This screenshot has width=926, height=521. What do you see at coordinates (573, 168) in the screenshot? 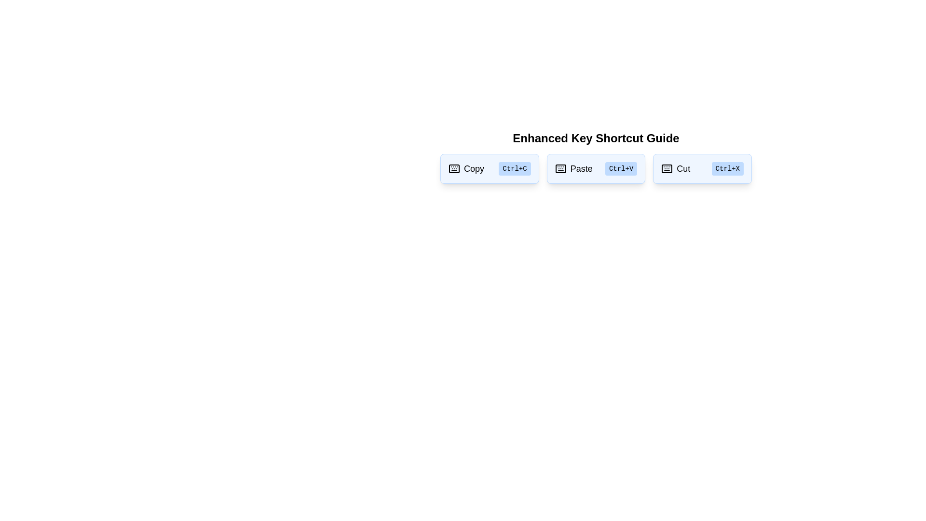
I see `the Paste text label and its associated icon, which indicates the functionality for pasting content, located between the Copy and Cut buttons` at bounding box center [573, 168].